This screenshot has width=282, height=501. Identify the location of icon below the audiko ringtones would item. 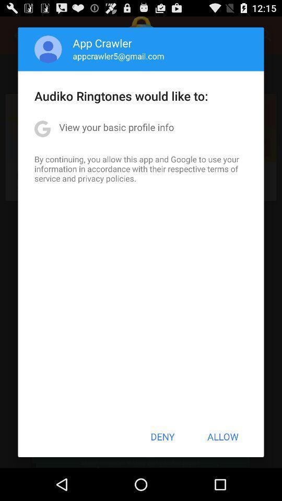
(116, 126).